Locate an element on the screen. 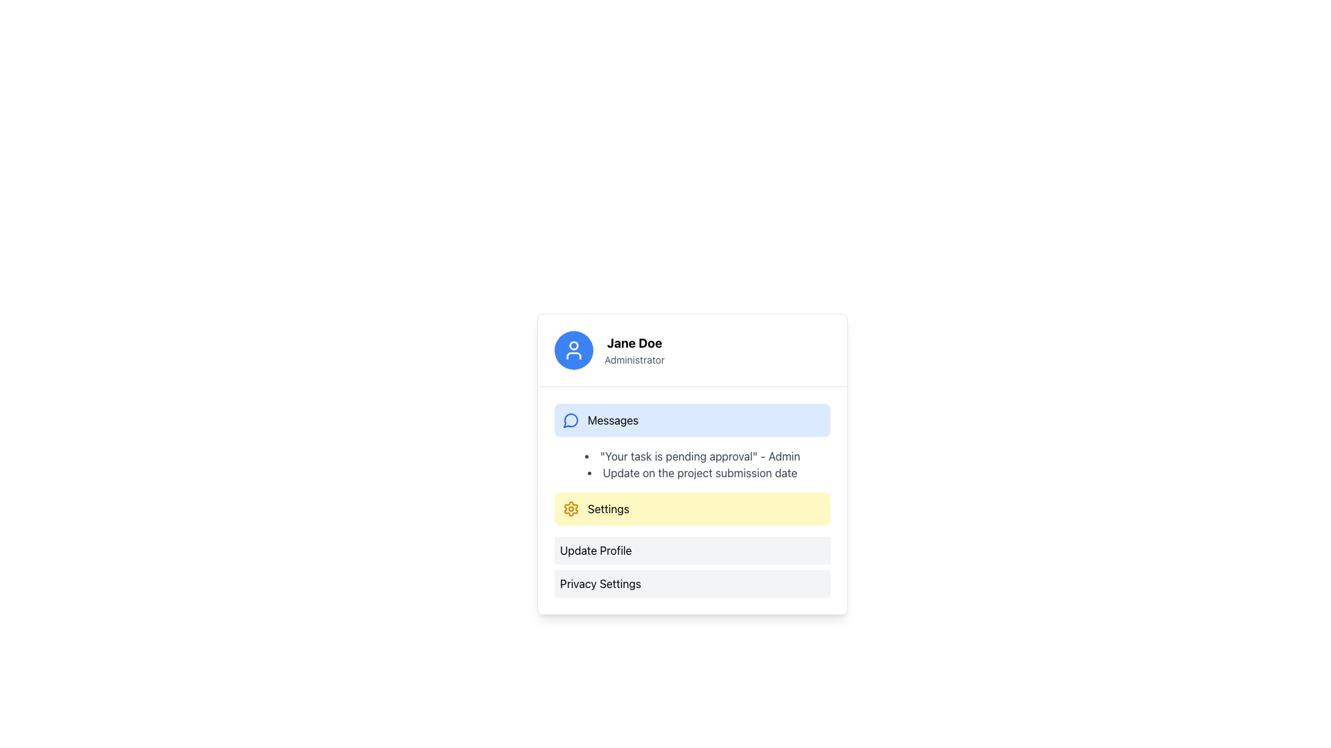 Image resolution: width=1331 pixels, height=748 pixels. the yellow gear-shaped icon in the 'Settings' section is located at coordinates (571, 509).